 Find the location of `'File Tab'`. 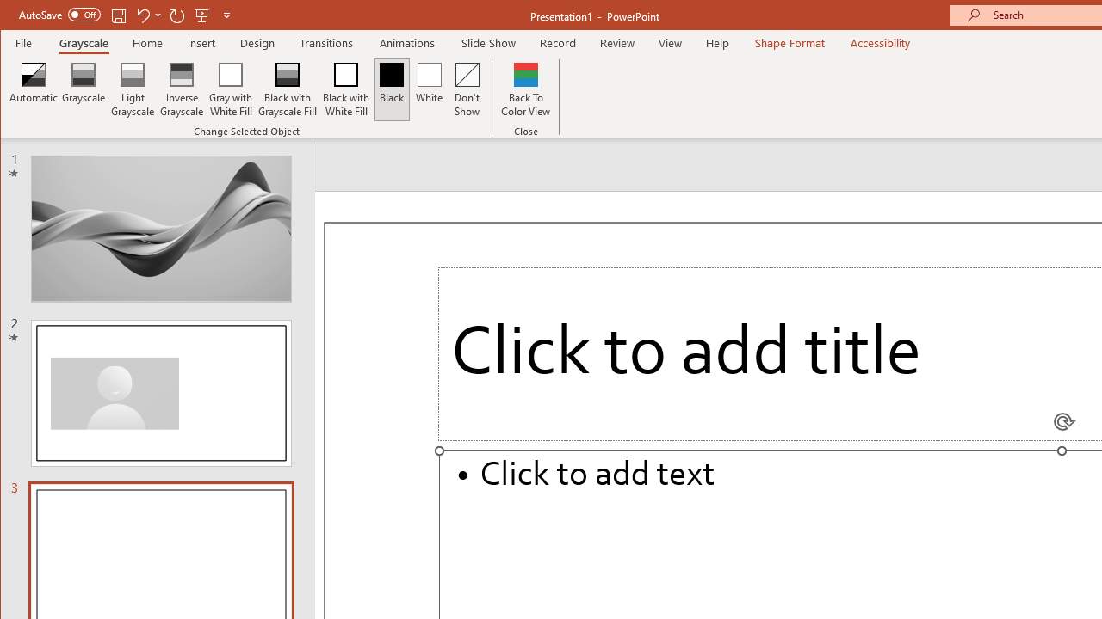

'File Tab' is located at coordinates (24, 42).